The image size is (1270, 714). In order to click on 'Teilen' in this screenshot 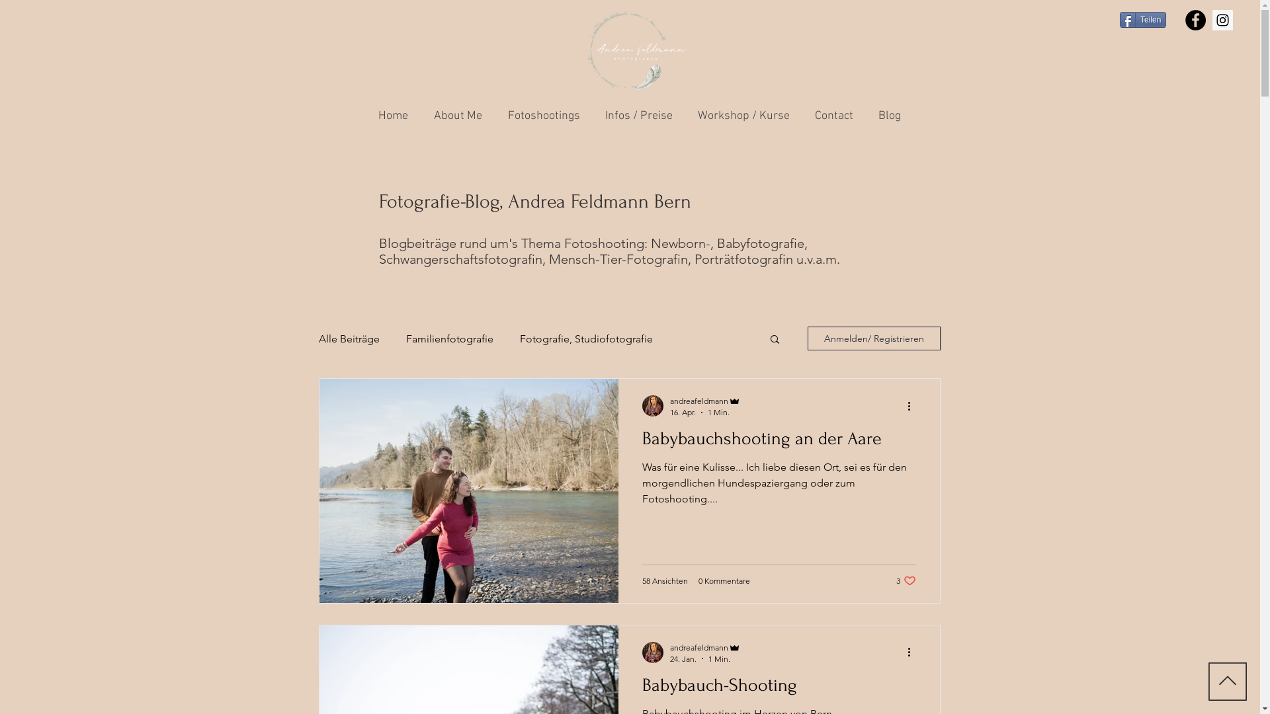, I will do `click(1119, 20)`.